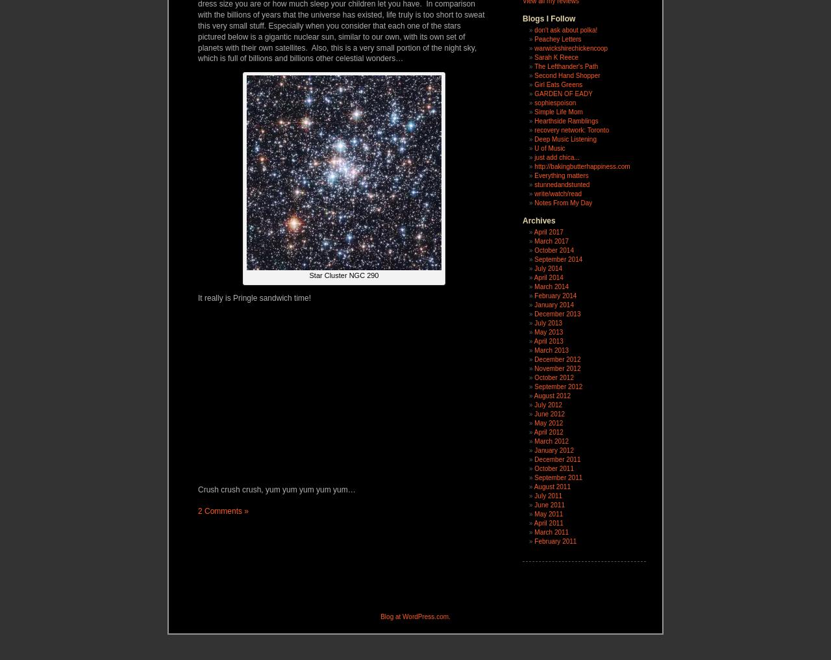  What do you see at coordinates (534, 396) in the screenshot?
I see `'August 2012'` at bounding box center [534, 396].